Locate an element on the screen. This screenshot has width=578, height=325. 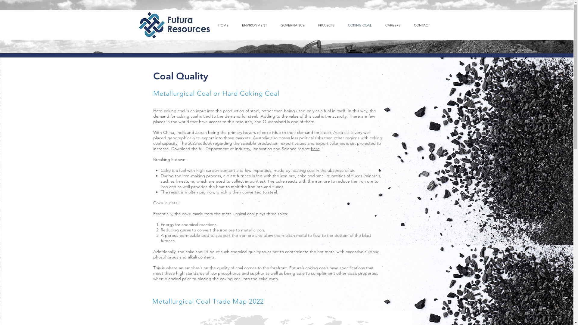
'HOME' is located at coordinates (223, 25).